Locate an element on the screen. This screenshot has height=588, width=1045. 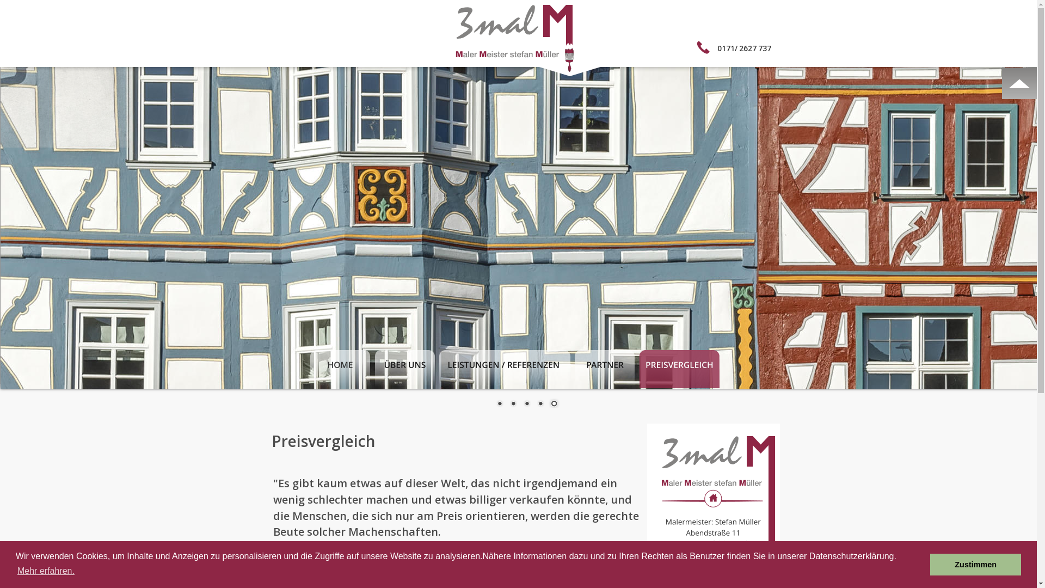
'2' is located at coordinates (512, 405).